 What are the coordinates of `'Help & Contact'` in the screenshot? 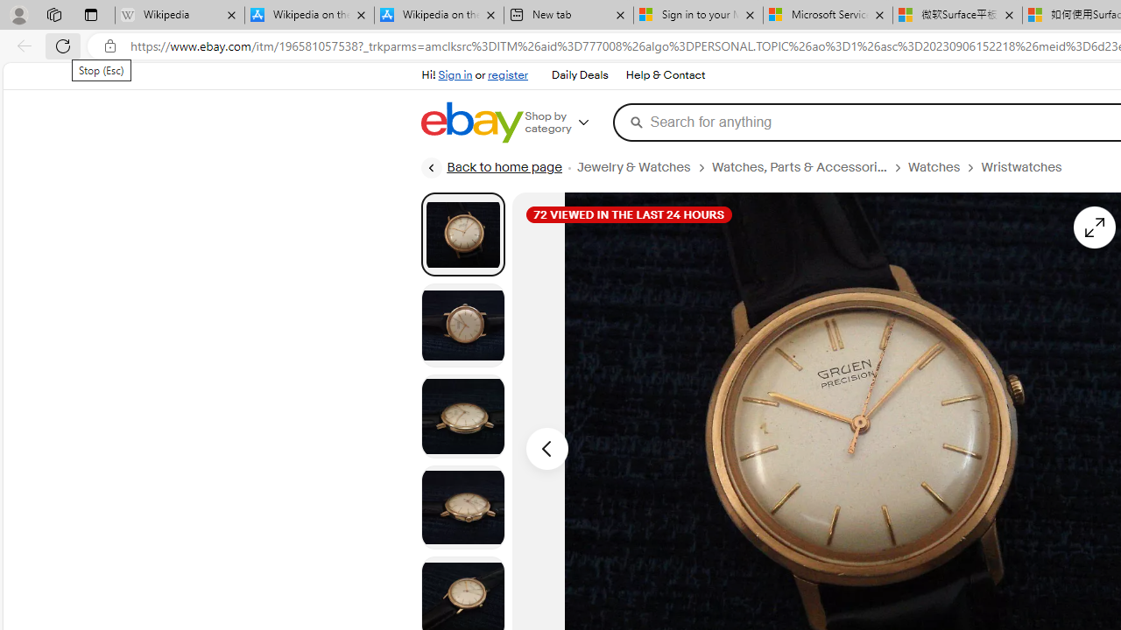 It's located at (664, 74).